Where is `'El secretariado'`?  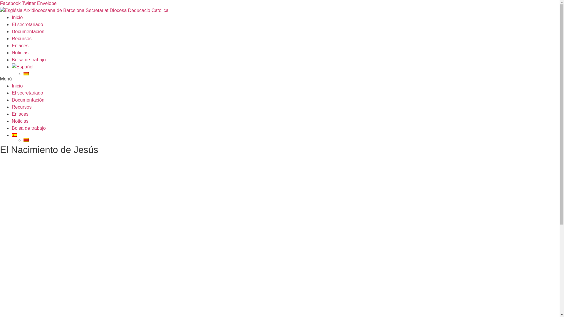 'El secretariado' is located at coordinates (27, 24).